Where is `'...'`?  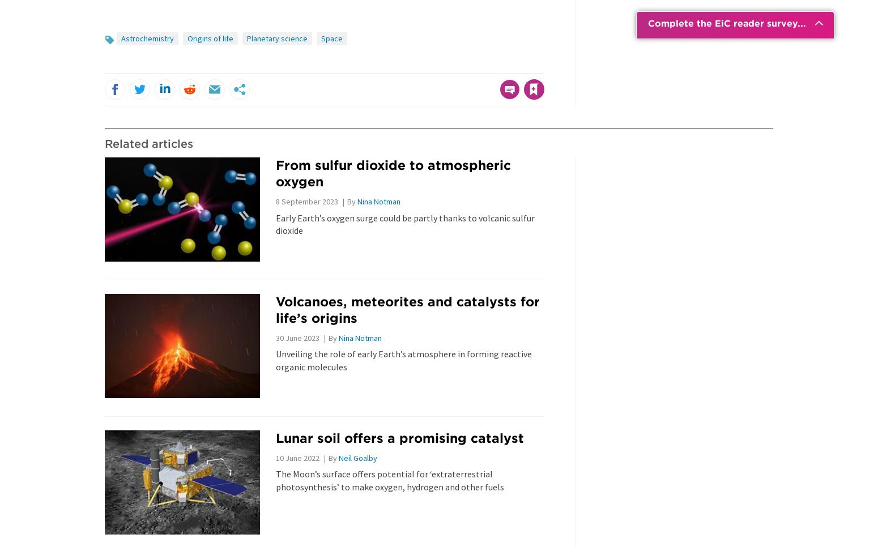 '...' is located at coordinates (800, 23).